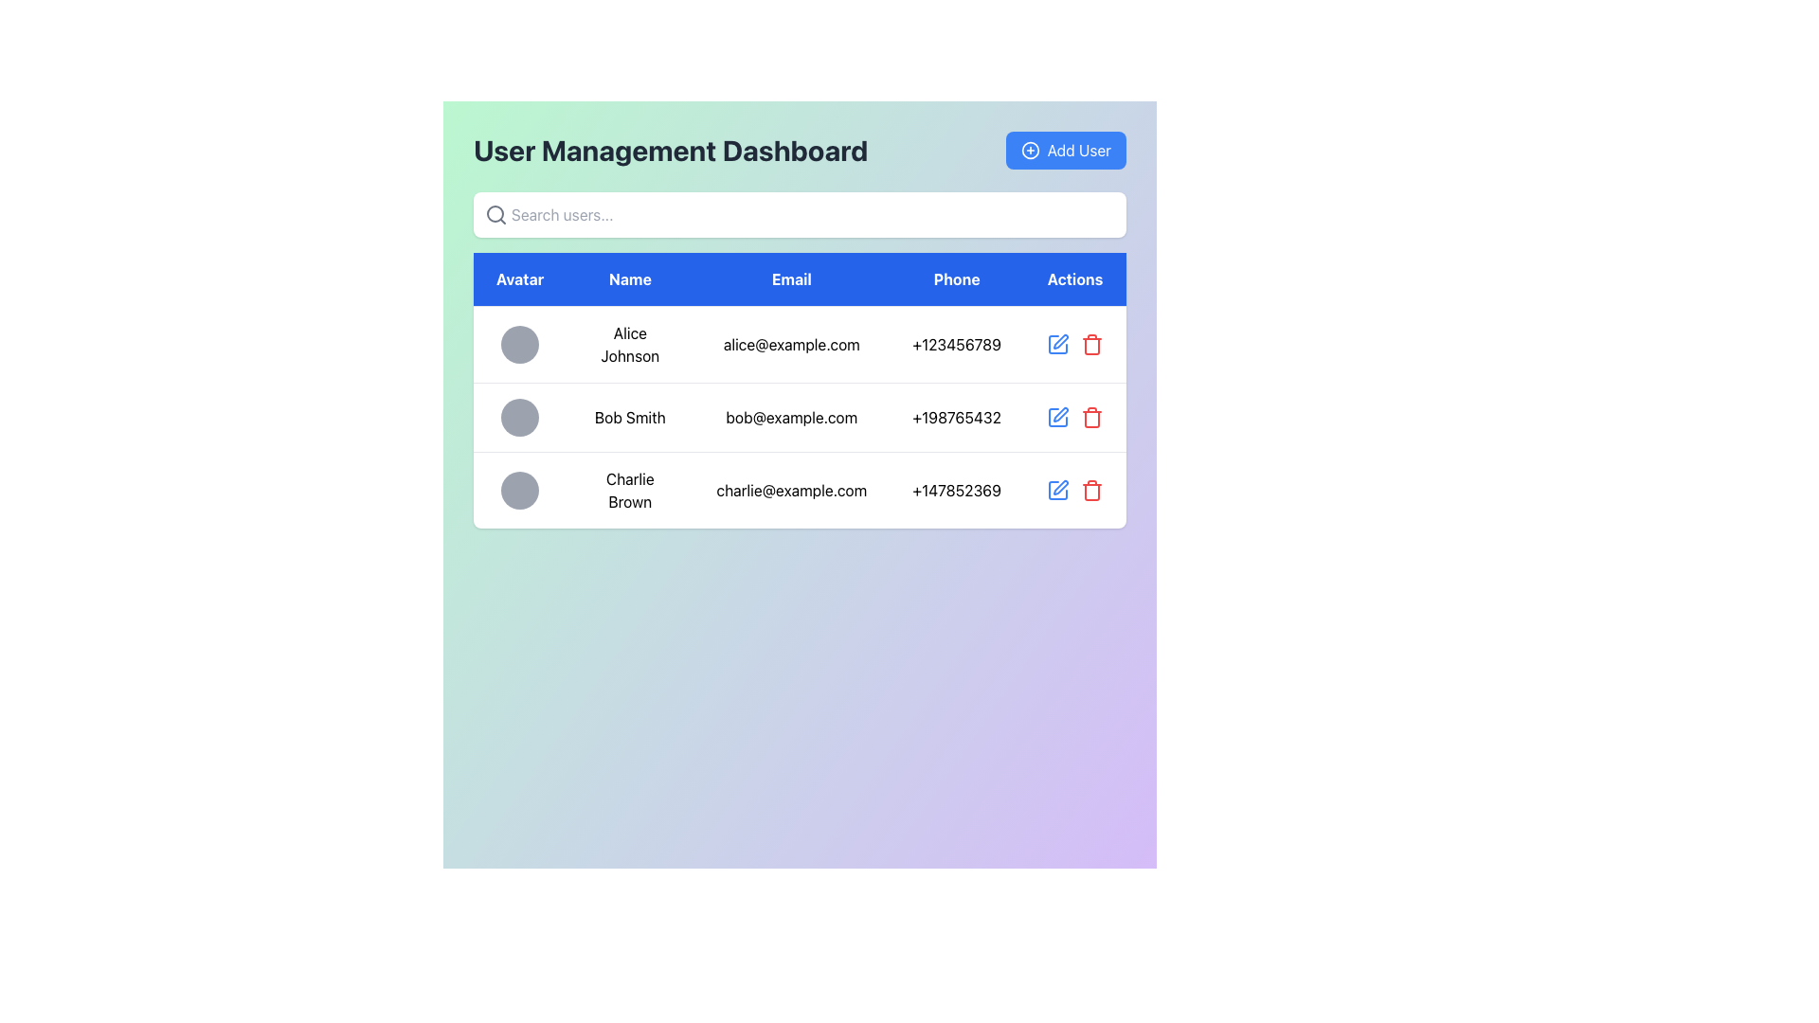 Image resolution: width=1819 pixels, height=1023 pixels. What do you see at coordinates (800, 279) in the screenshot?
I see `the header row in the table with a blue background and white text containing the labels 'Avatar,' 'Name,' 'Email,' 'Phone,' and 'Actions.'` at bounding box center [800, 279].